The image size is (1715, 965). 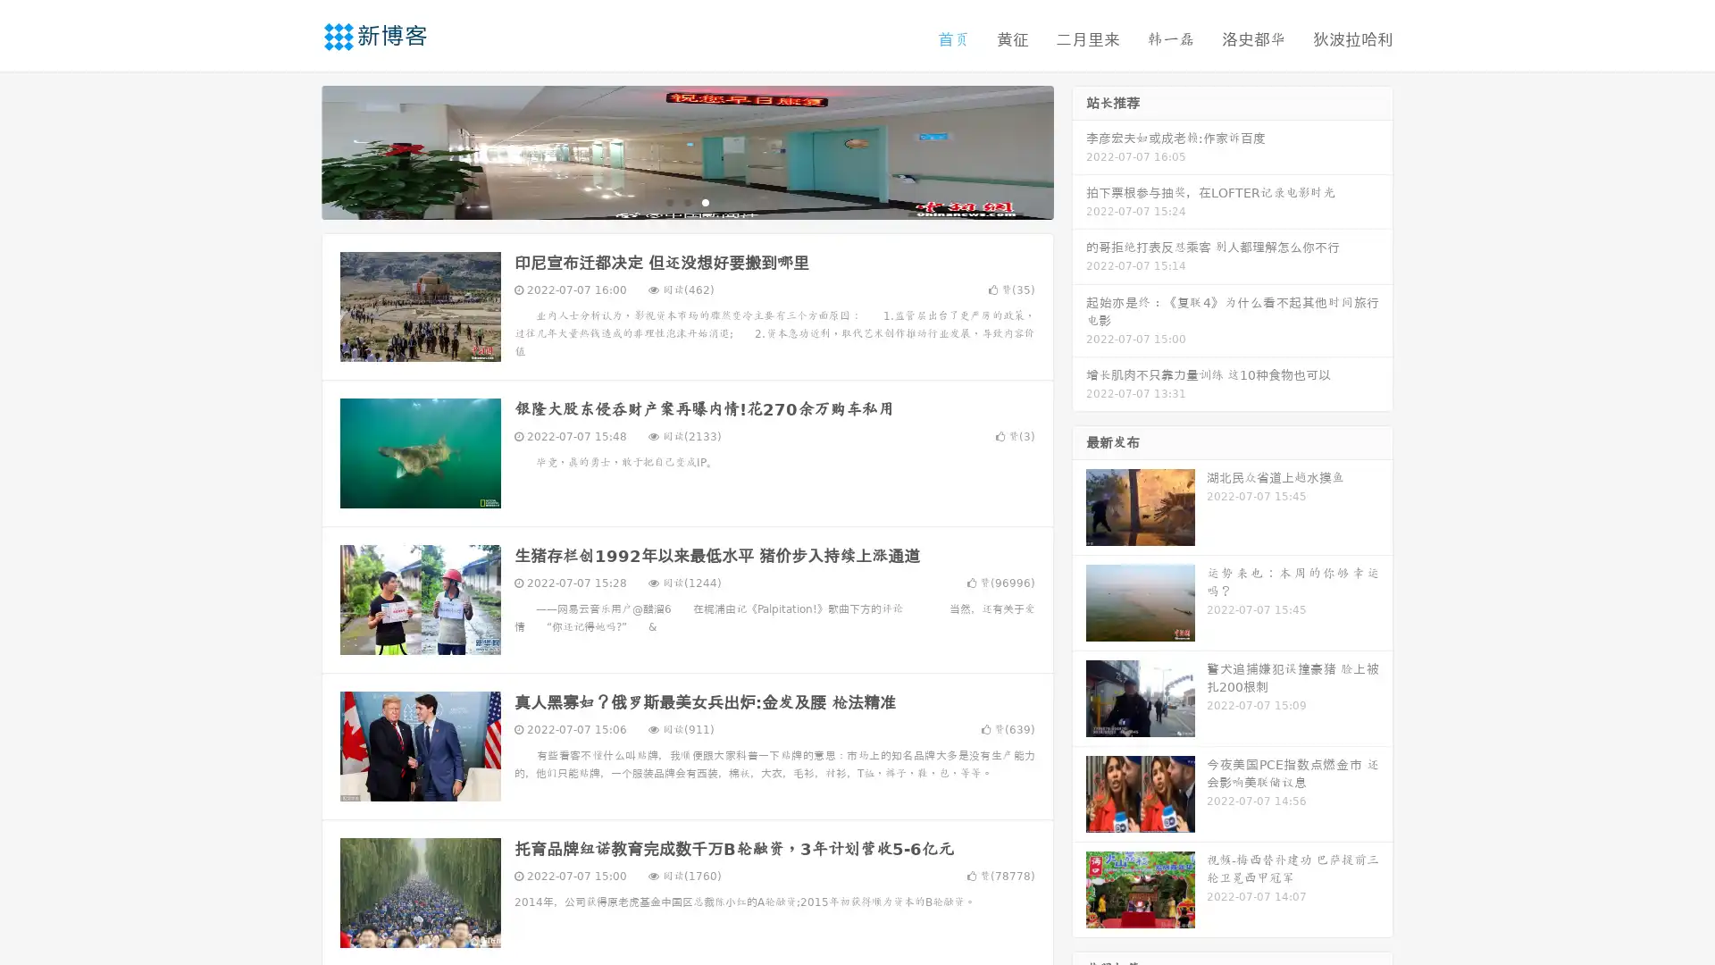 What do you see at coordinates (1079, 150) in the screenshot?
I see `Next slide` at bounding box center [1079, 150].